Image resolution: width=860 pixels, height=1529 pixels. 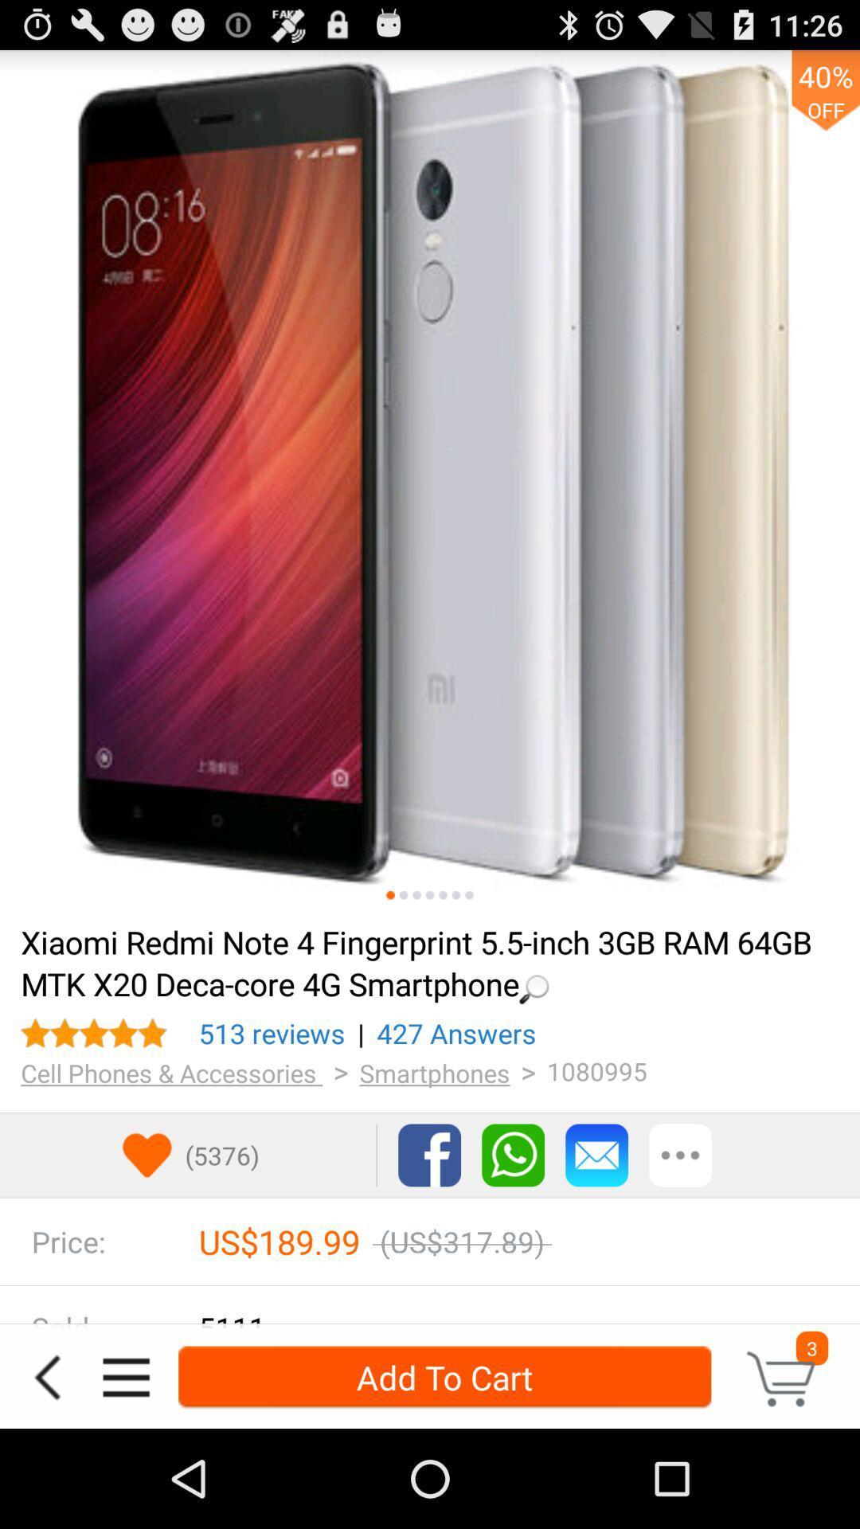 What do you see at coordinates (125, 1376) in the screenshot?
I see `menu` at bounding box center [125, 1376].